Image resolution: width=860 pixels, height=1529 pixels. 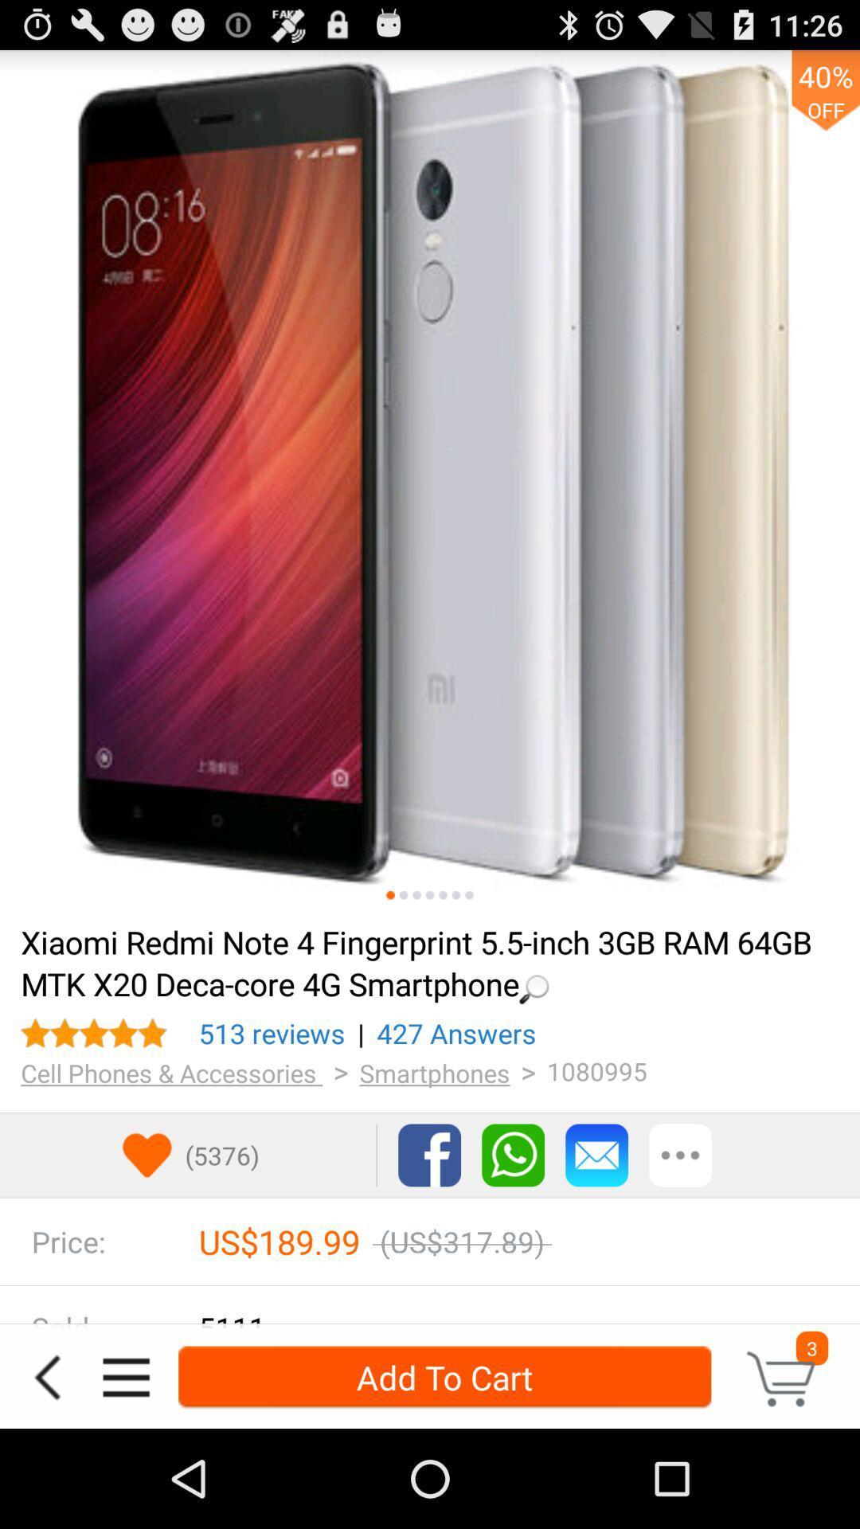 What do you see at coordinates (125, 1376) in the screenshot?
I see `menu` at bounding box center [125, 1376].